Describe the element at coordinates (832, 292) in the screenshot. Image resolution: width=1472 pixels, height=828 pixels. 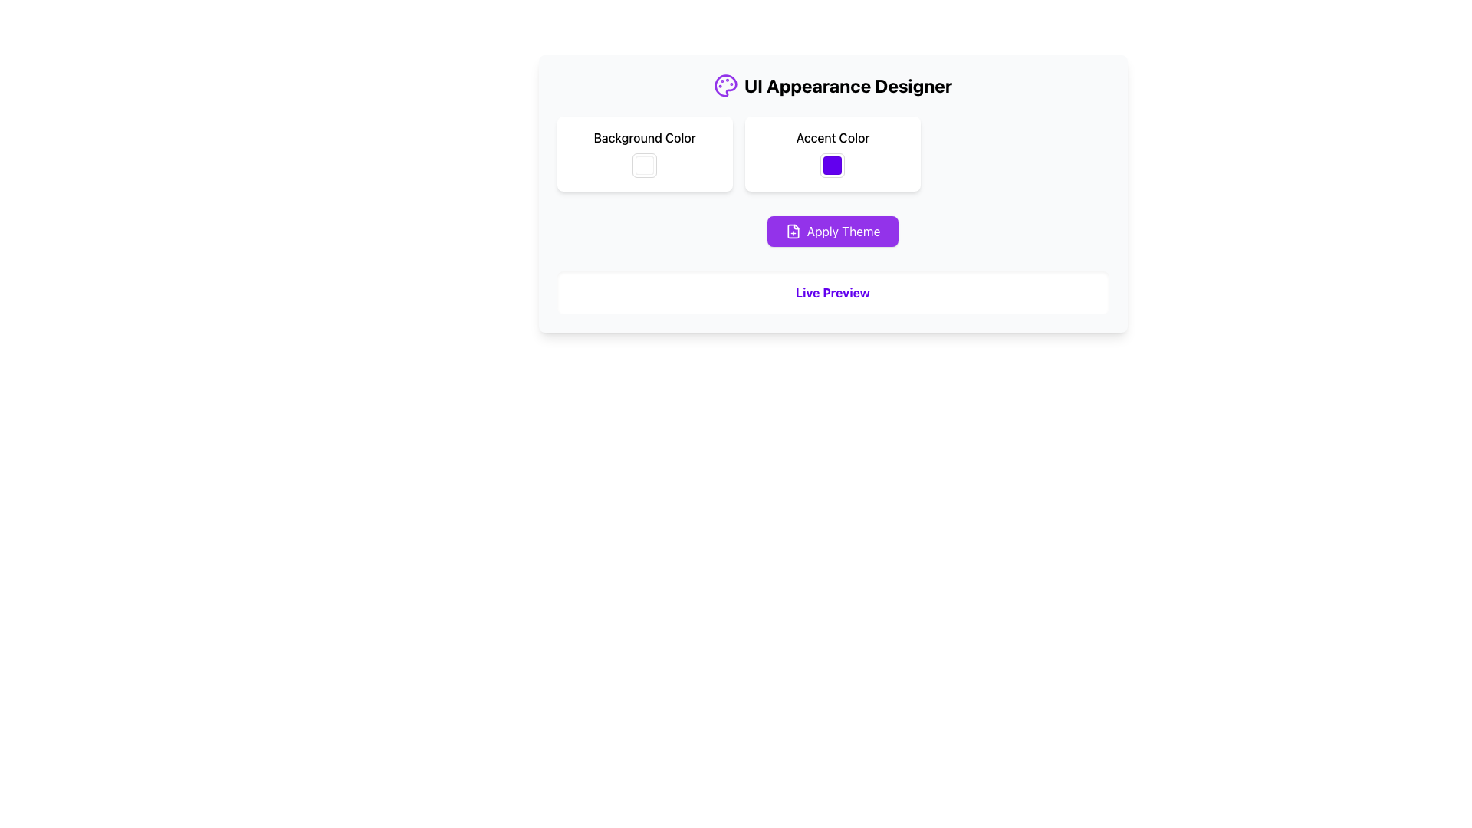
I see `the informational display label at the bottom of the 'UI Appearance Designer' card, which provides a preview of the theme or changes made above` at that location.